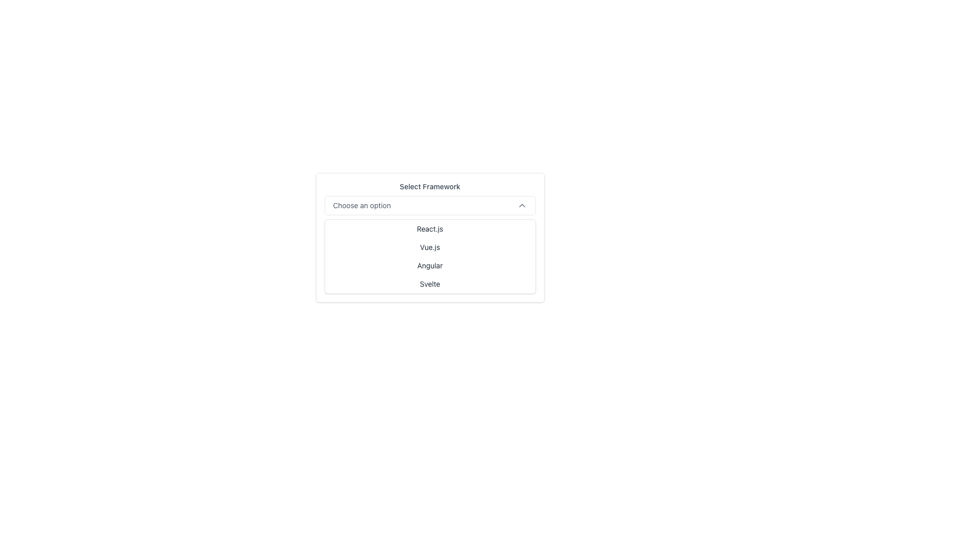  Describe the element at coordinates (430, 284) in the screenshot. I see `the selectable menu item labeled 'Svelte', which is the last option in the dropdown menu` at that location.